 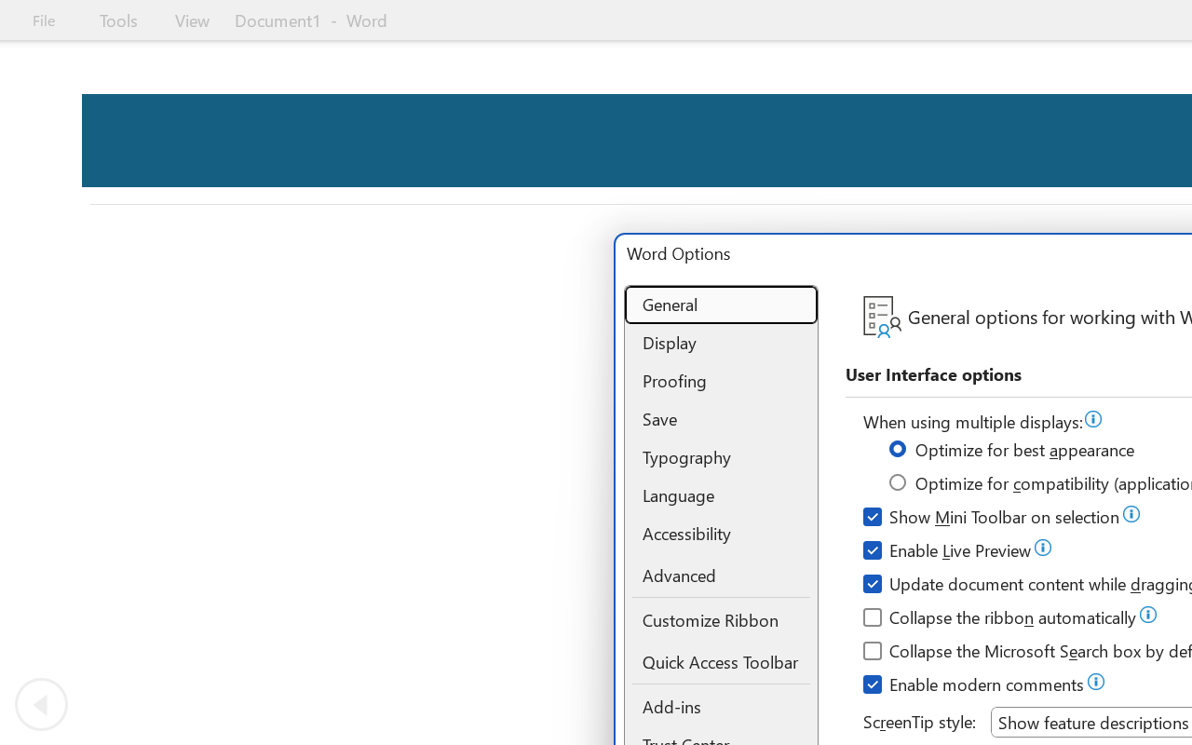 I want to click on 'Add-ins', so click(x=720, y=707).